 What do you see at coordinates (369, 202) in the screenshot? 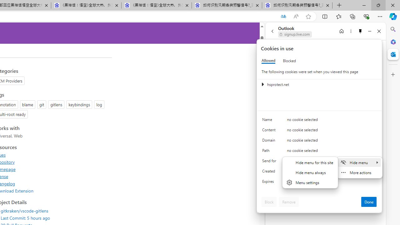
I see `'Done'` at bounding box center [369, 202].